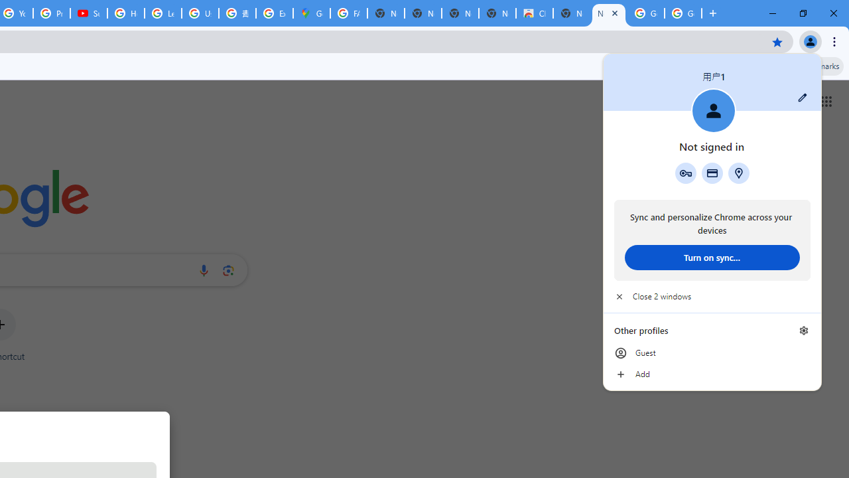  Describe the element at coordinates (683, 13) in the screenshot. I see `'Google Images'` at that location.